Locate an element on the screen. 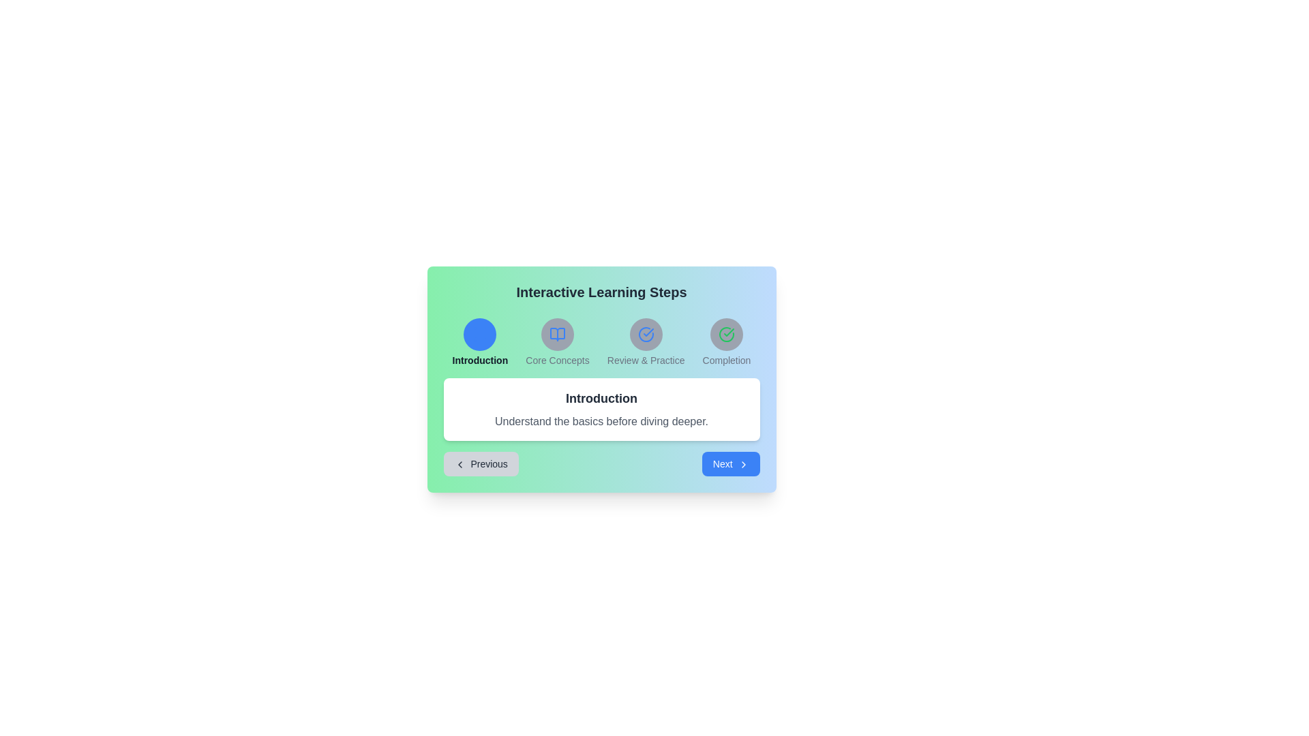 This screenshot has width=1309, height=736. the circular icon labeled 'Core Concepts', which features a blue open book graphic on a gray background, positioned in the second place of a horizontal navigation bar is located at coordinates (558, 341).